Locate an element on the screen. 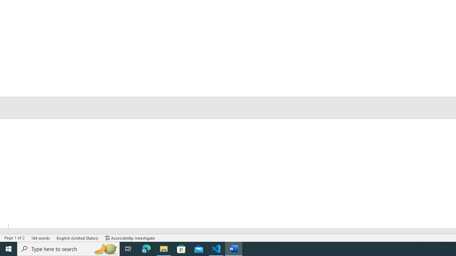  'Page Number Page 1 of 2' is located at coordinates (14, 238).